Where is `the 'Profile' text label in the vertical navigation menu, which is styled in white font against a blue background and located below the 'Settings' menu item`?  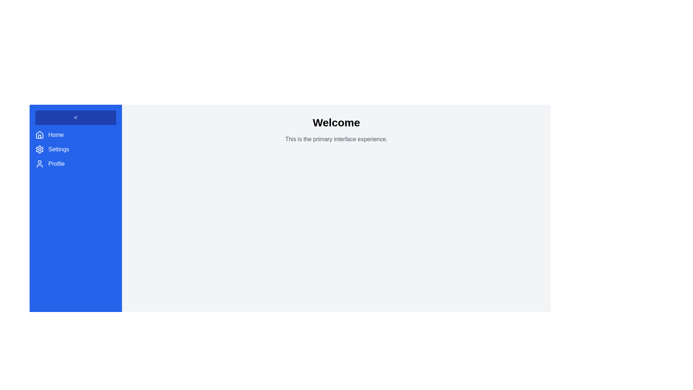
the 'Profile' text label in the vertical navigation menu, which is styled in white font against a blue background and located below the 'Settings' menu item is located at coordinates (56, 164).